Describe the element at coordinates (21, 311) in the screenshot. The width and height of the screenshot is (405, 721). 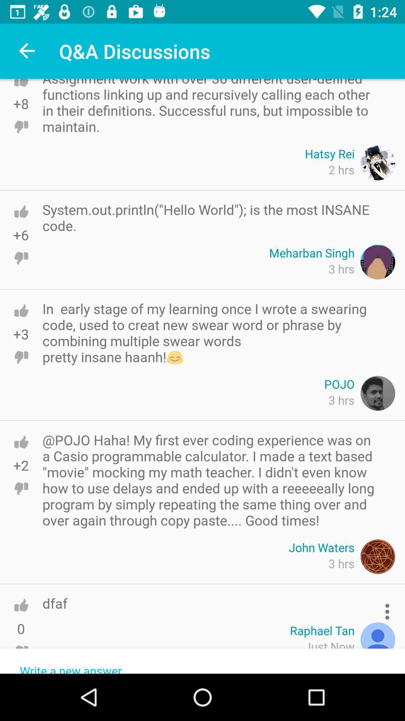
I see `give upvote` at that location.